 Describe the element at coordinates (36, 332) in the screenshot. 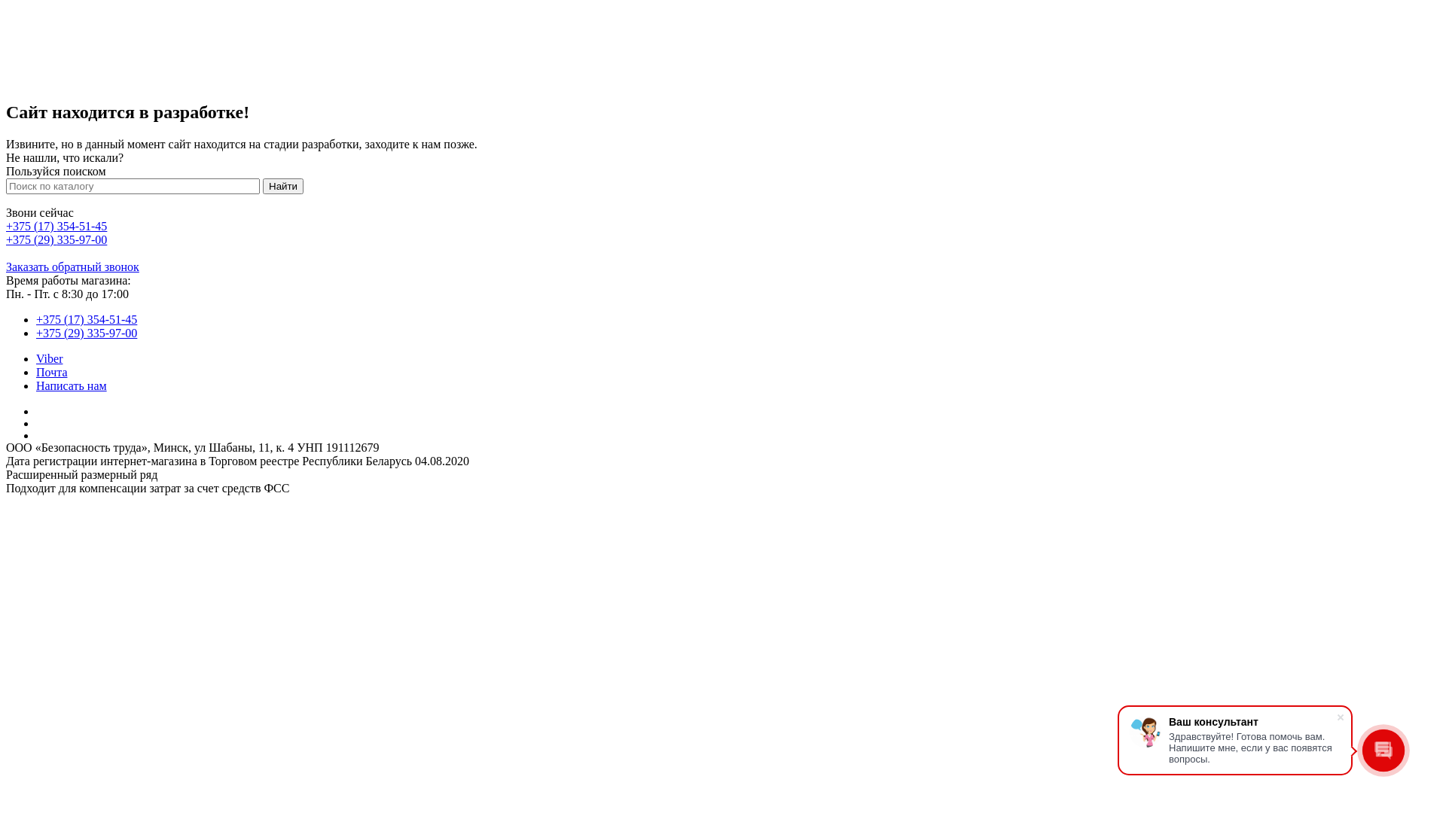

I see `'+375 (29) 335-97-00'` at that location.